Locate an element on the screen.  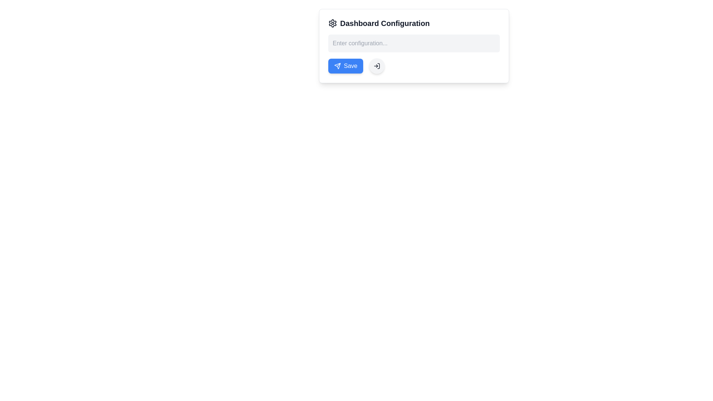
the gear or settings icon located at the far left of the 'Dashboard Configuration' heading, which has a minimalist line-art style is located at coordinates (332, 23).